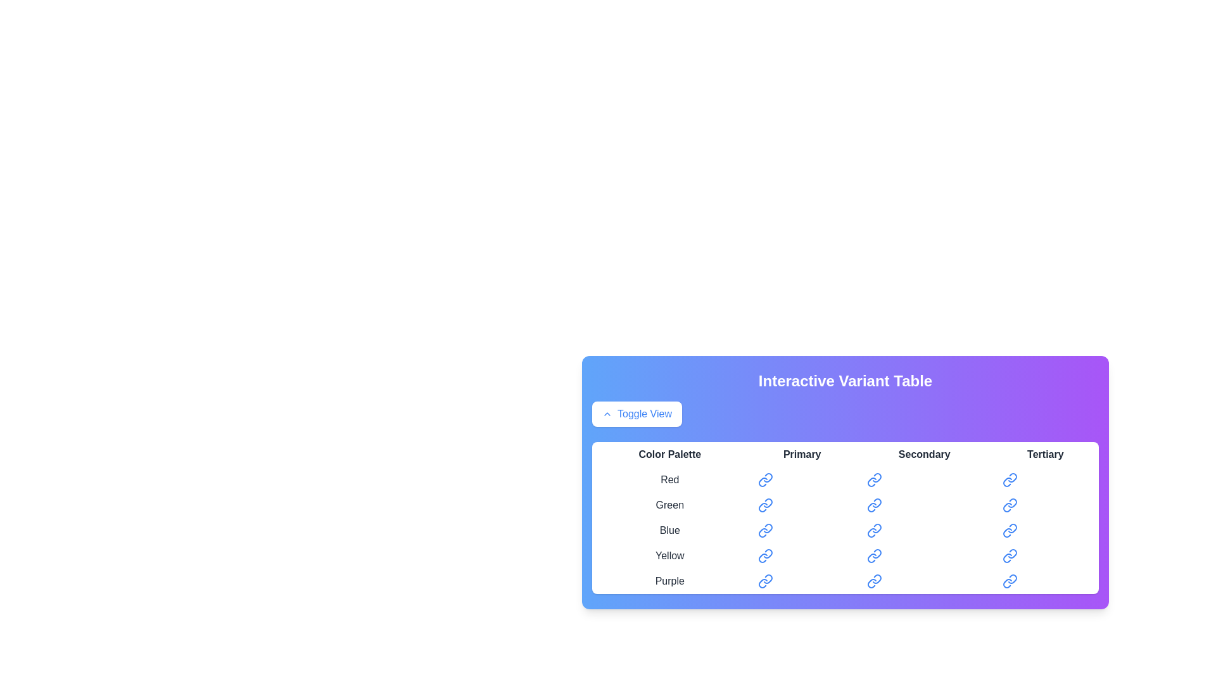 This screenshot has height=684, width=1216. What do you see at coordinates (607, 414) in the screenshot?
I see `the 'Toggle View' button located in the upper left corner of the card displaying the 'Interactive Variant Table'` at bounding box center [607, 414].